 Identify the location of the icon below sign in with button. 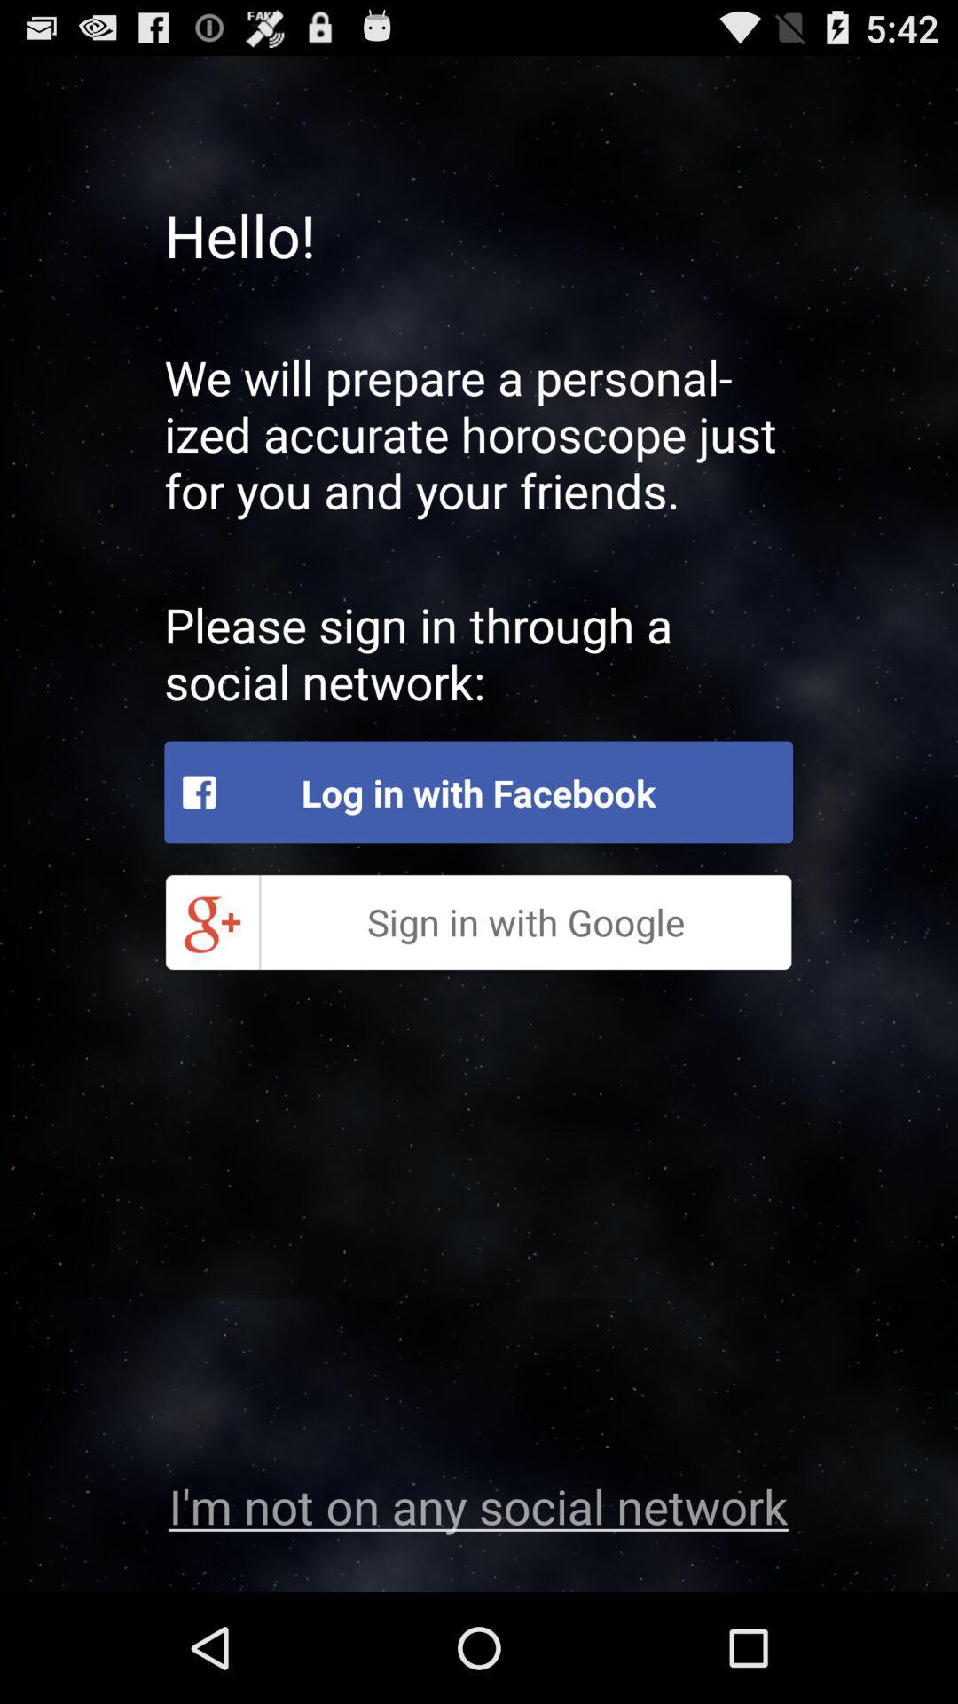
(477, 1504).